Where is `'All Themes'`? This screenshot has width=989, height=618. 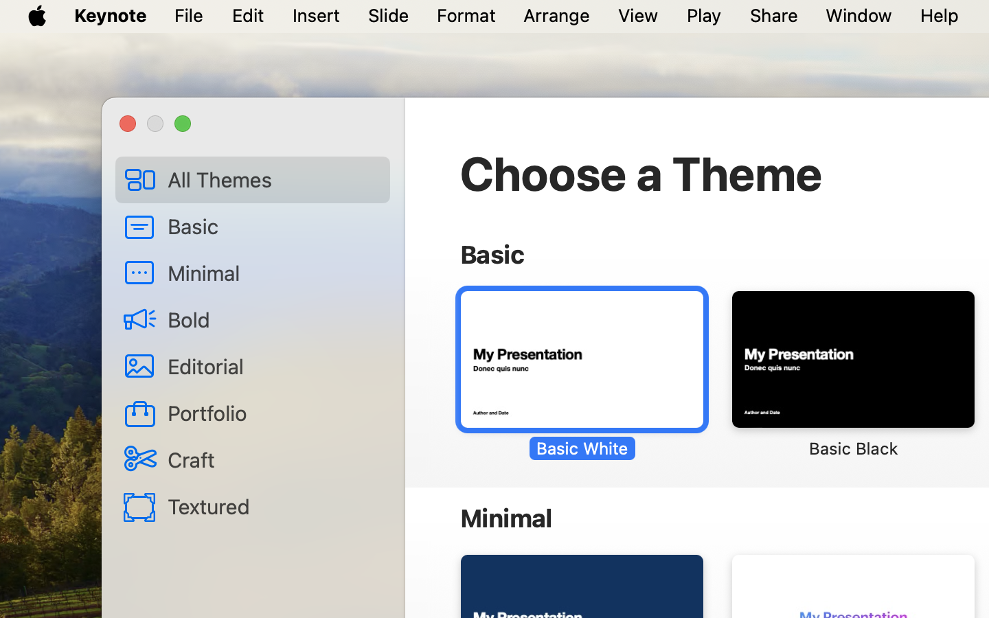
'All Themes' is located at coordinates (273, 179).